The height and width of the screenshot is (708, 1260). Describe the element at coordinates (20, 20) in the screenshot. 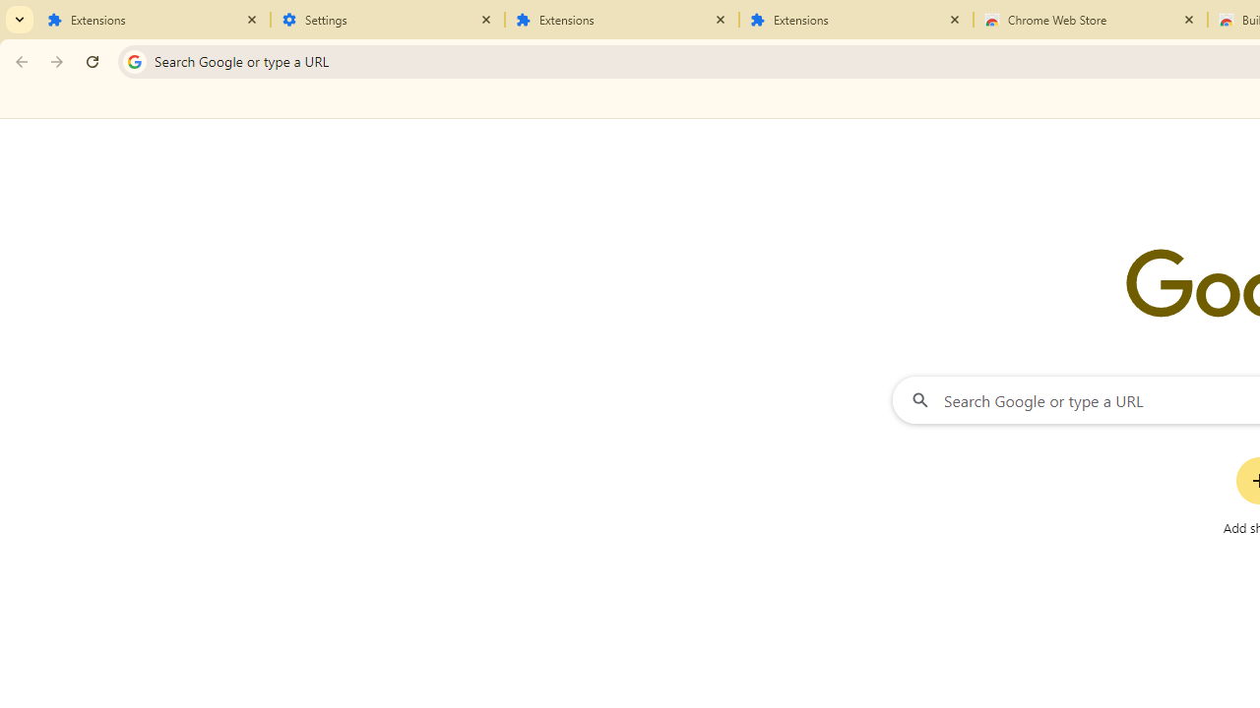

I see `'Search tabs'` at that location.